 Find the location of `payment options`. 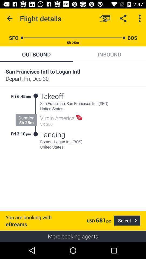

payment options is located at coordinates (105, 18).